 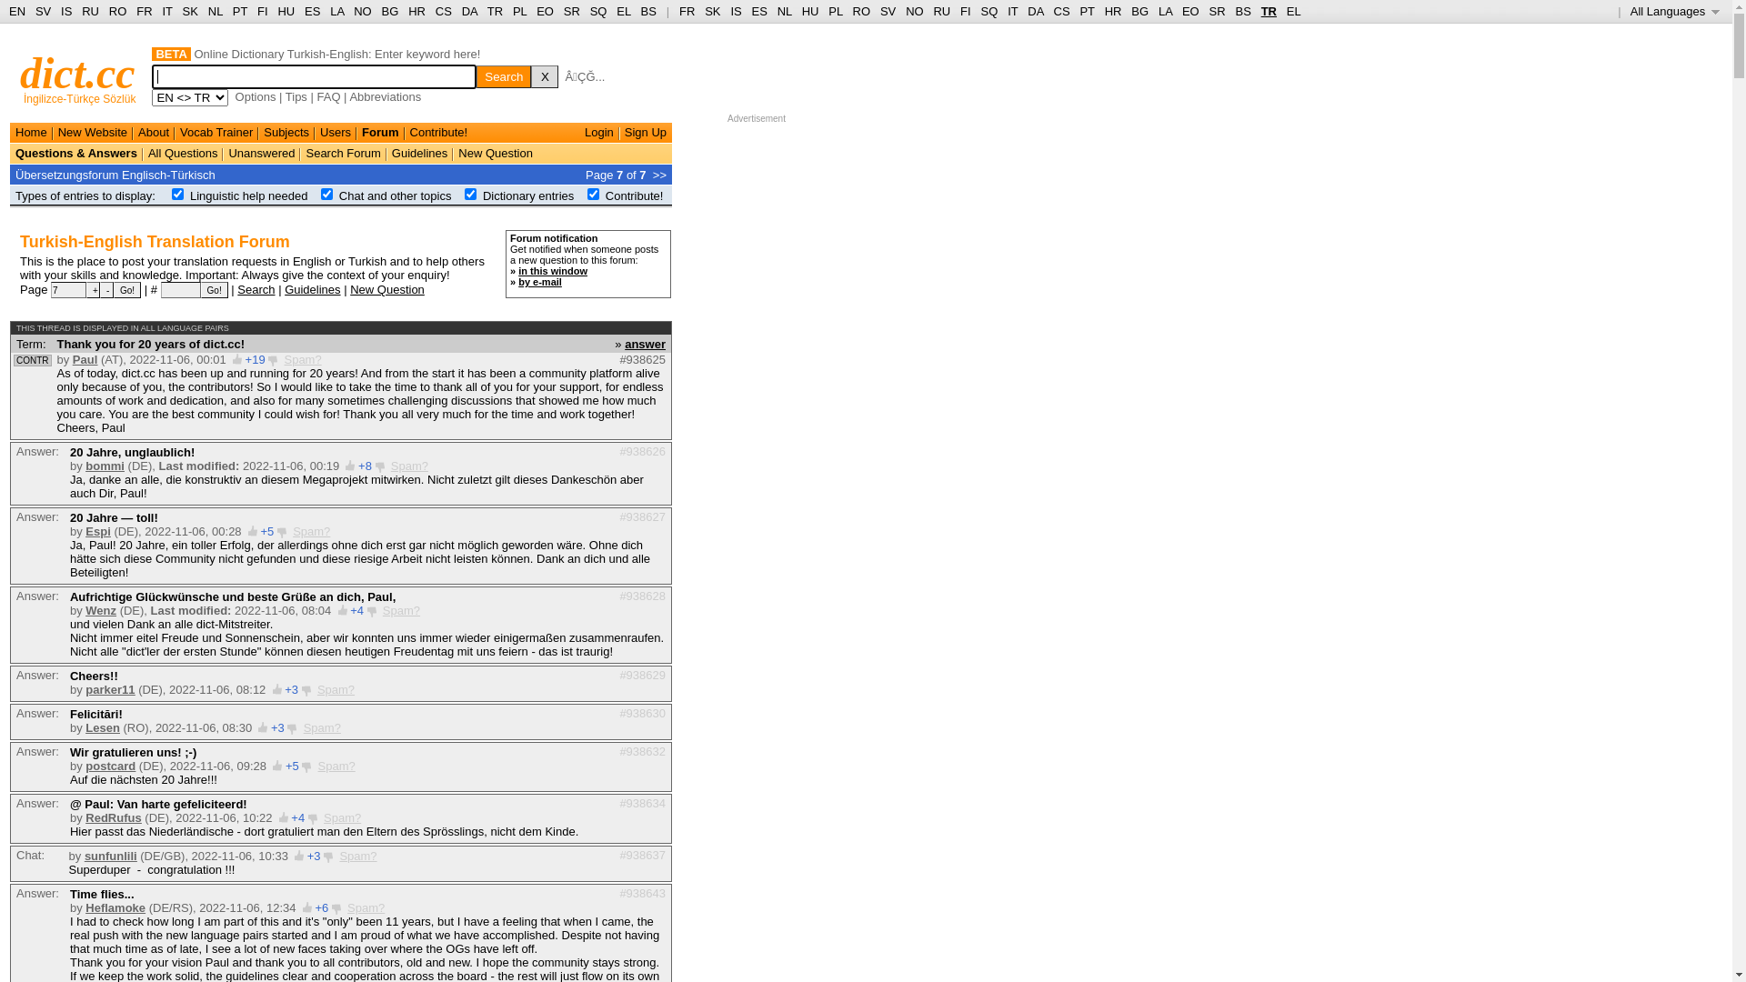 I want to click on '#938626', so click(x=619, y=450).